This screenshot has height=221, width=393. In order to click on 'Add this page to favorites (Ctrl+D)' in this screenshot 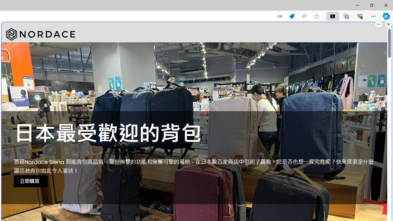, I will do `click(317, 16)`.